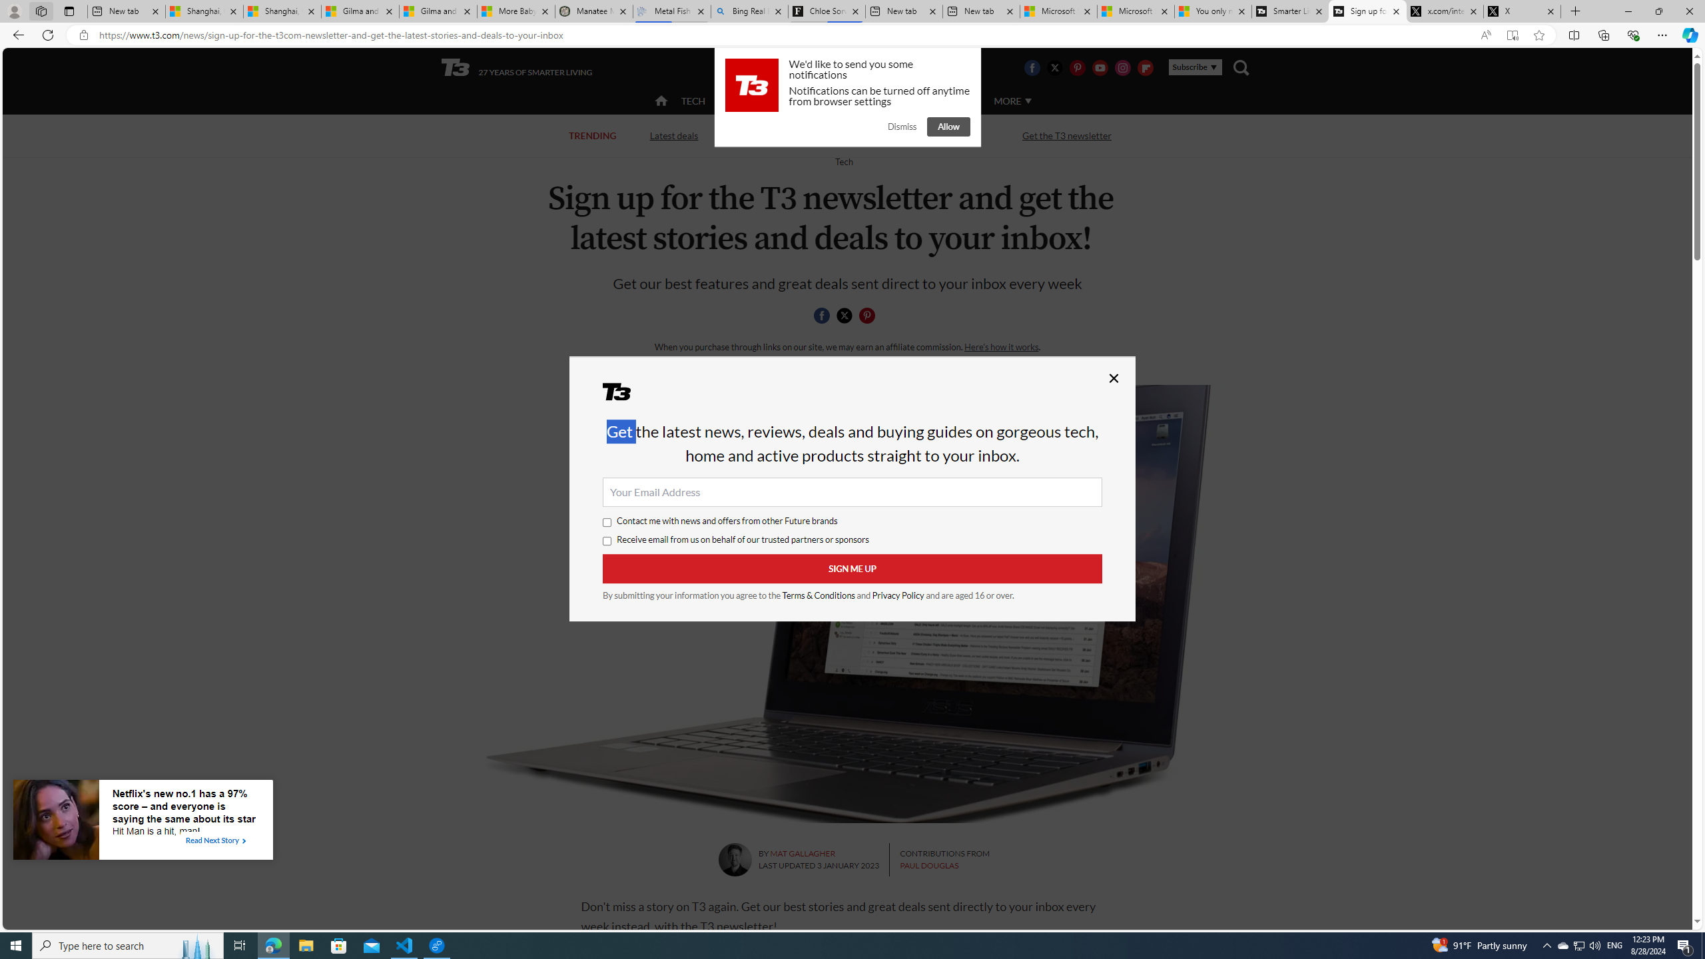 The image size is (1705, 959). Describe the element at coordinates (1289, 11) in the screenshot. I see `'Smarter Living | T3'` at that location.